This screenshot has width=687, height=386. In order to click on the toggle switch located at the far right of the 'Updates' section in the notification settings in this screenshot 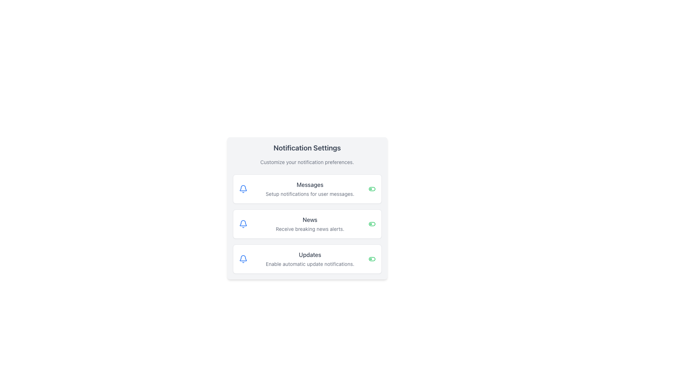, I will do `click(372, 259)`.